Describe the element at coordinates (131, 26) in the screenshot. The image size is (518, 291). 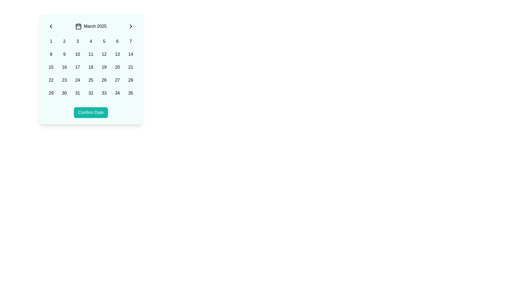
I see `right-pointing chevron button located to the right of the 'March 2025' label for accessibility features` at that location.